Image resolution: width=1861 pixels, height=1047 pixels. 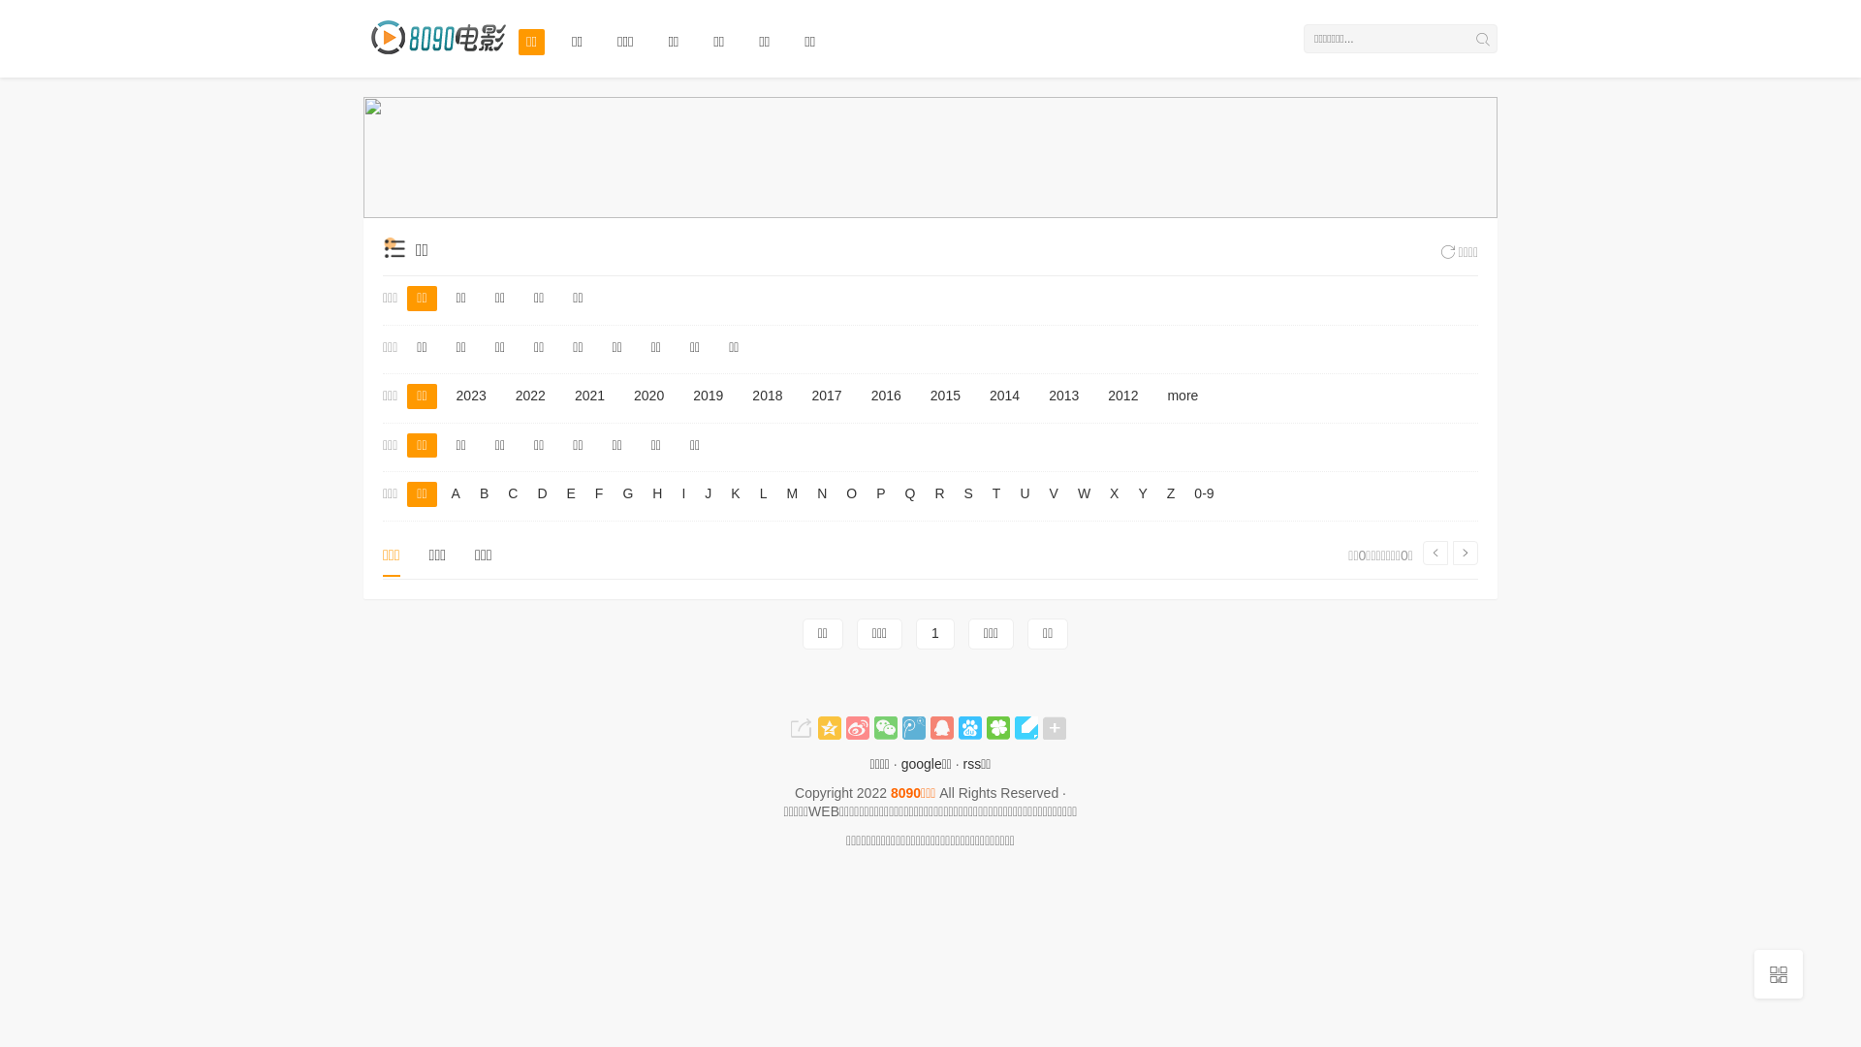 What do you see at coordinates (791, 492) in the screenshot?
I see `'M'` at bounding box center [791, 492].